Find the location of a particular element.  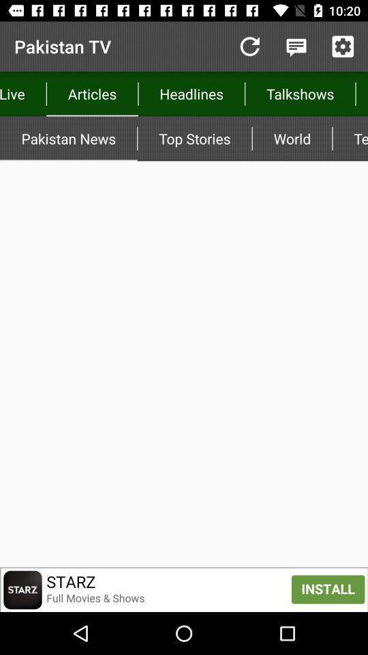

comment is located at coordinates (296, 46).